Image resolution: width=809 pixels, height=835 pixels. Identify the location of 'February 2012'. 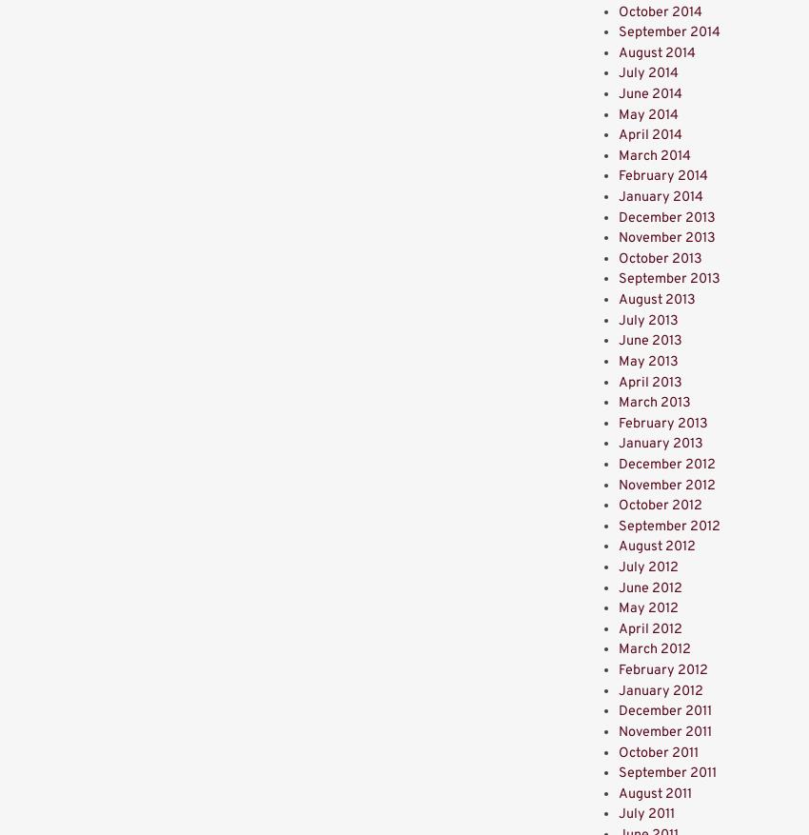
(618, 669).